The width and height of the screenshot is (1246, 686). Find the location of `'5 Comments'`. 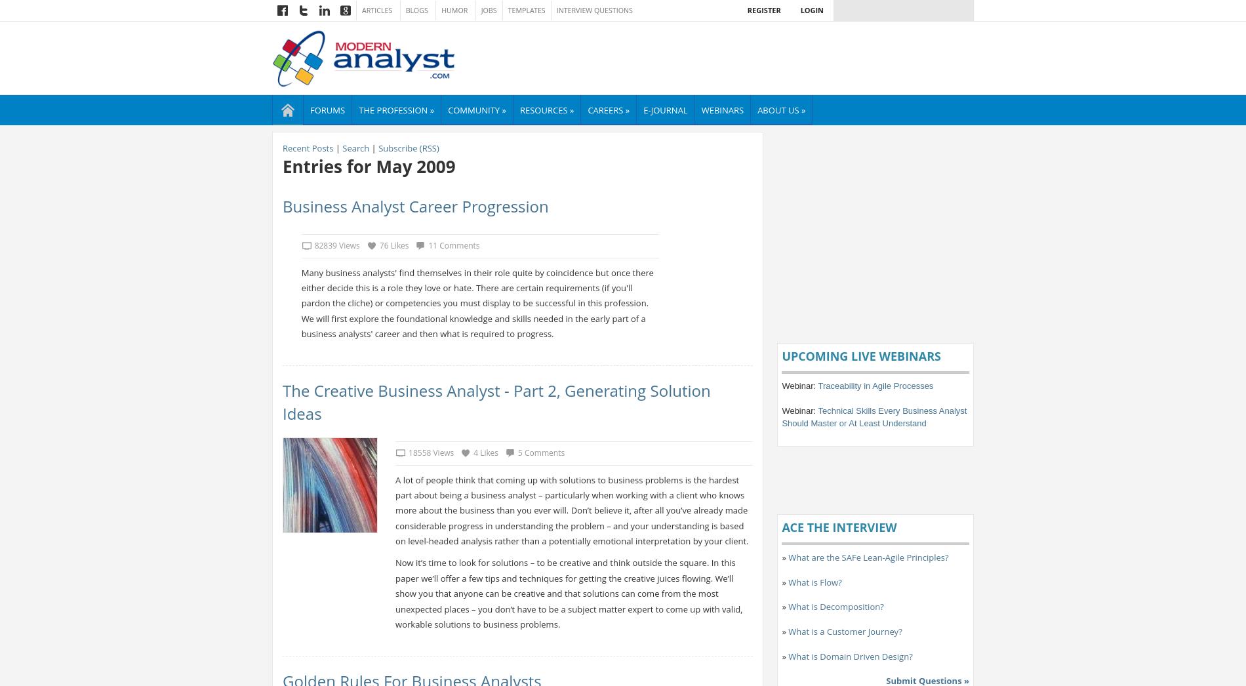

'5 Comments' is located at coordinates (540, 453).